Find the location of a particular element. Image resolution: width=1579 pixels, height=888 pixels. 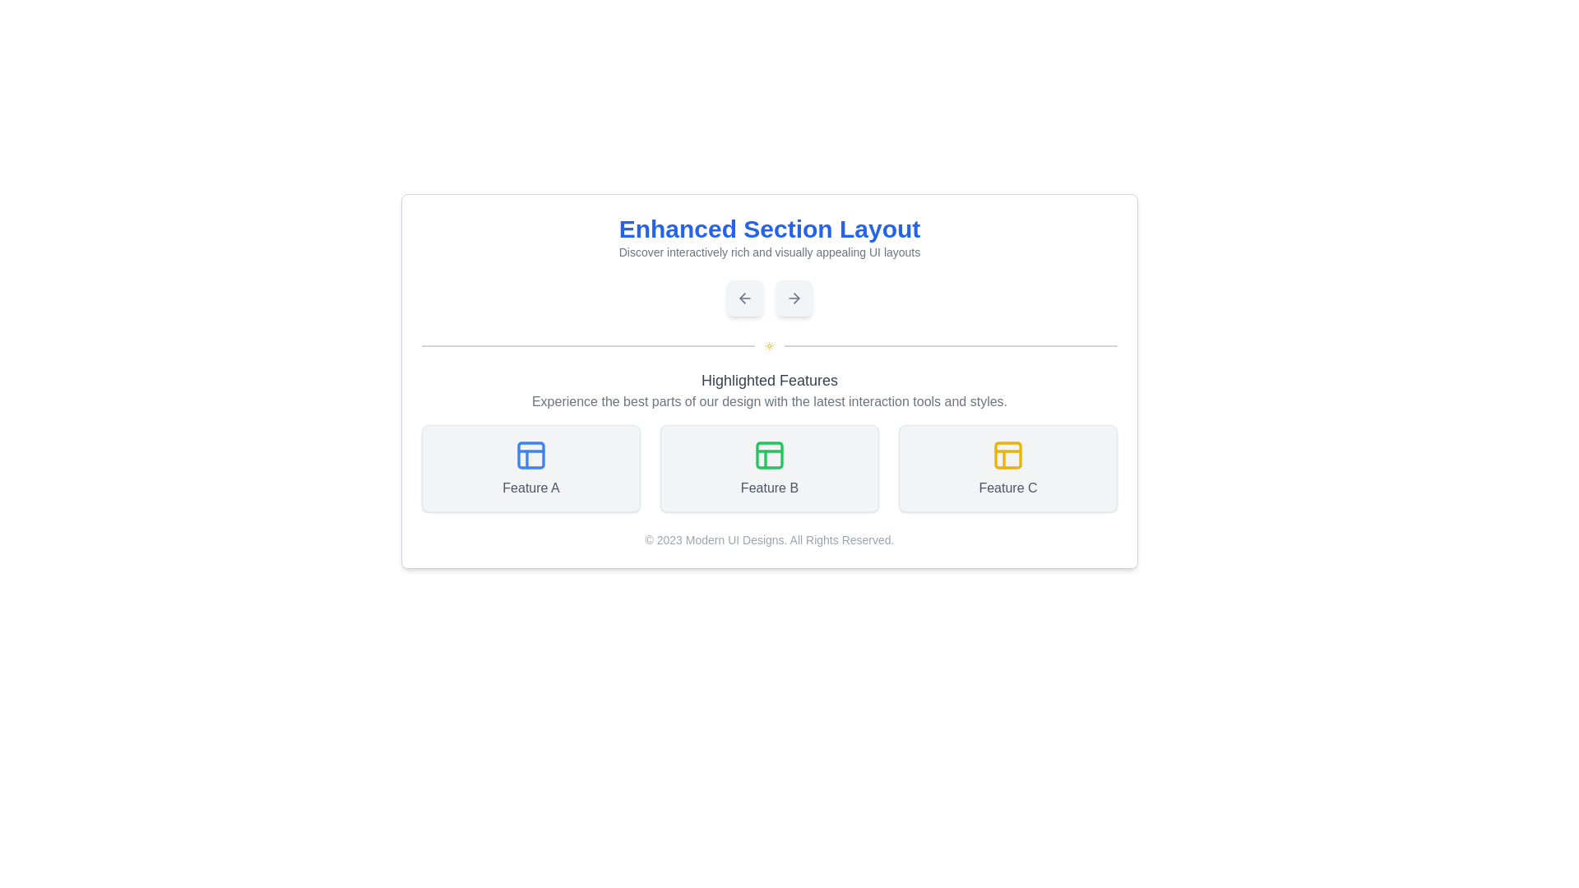

the rightward navigation control icon within the button group located below 'Enhanced Section Layout' is located at coordinates (796, 298).